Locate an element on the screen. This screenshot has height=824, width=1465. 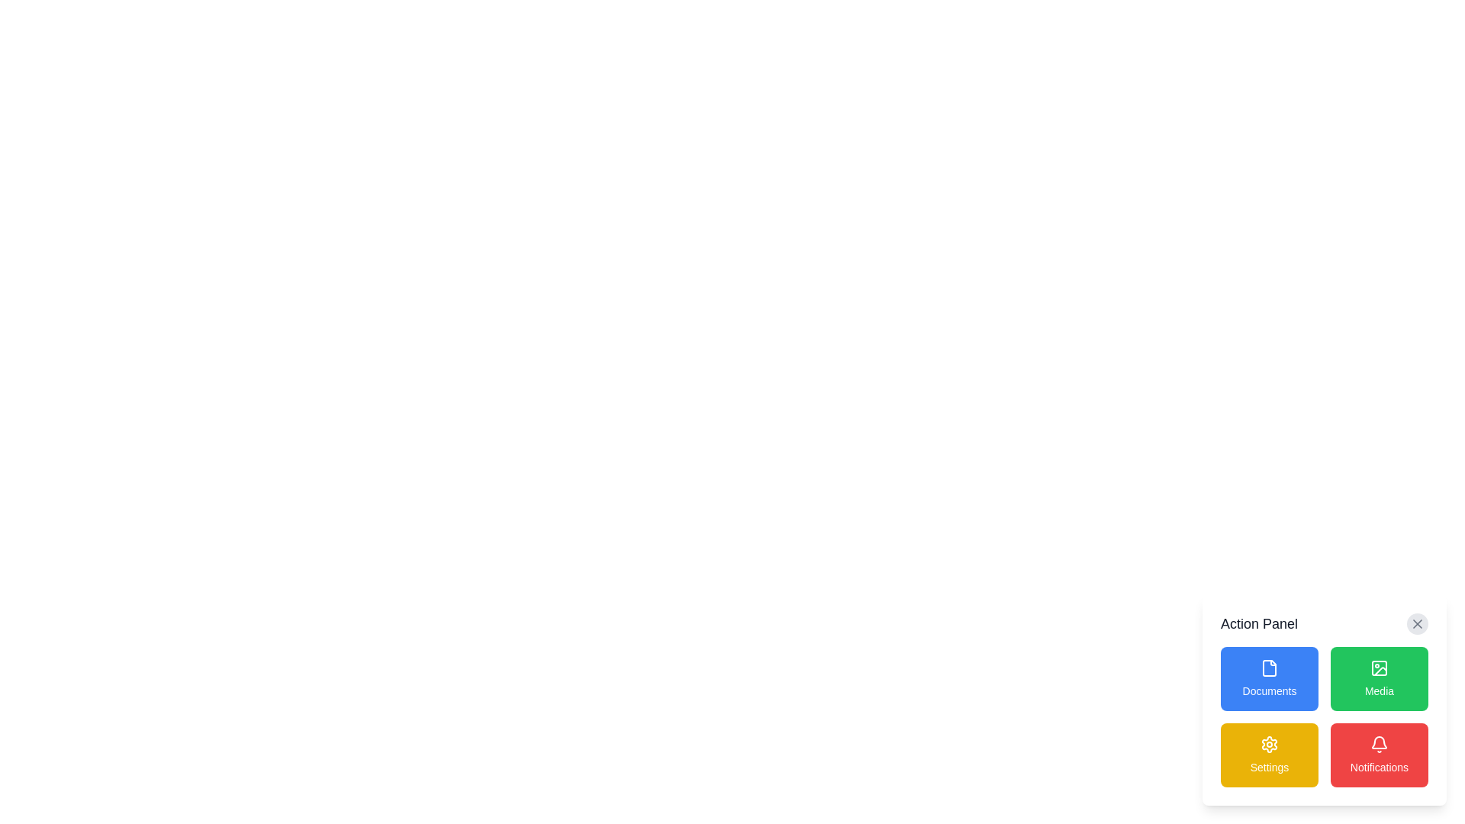
the close button (SVG icon) located at the top right corner of the 'Action Panel' to observe the hover style change is located at coordinates (1416, 623).